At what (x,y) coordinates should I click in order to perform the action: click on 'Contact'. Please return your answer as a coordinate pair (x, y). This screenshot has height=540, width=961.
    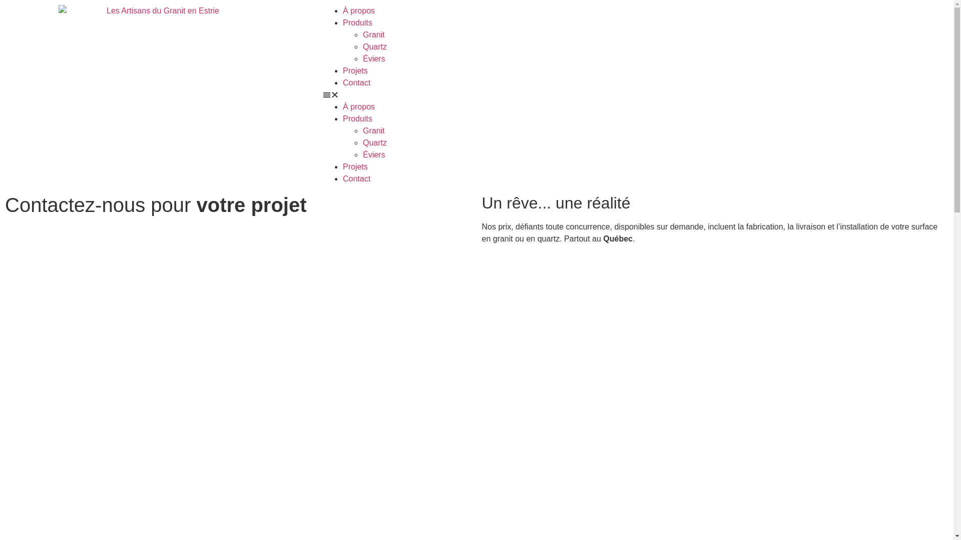
    Looking at the image, I should click on (356, 82).